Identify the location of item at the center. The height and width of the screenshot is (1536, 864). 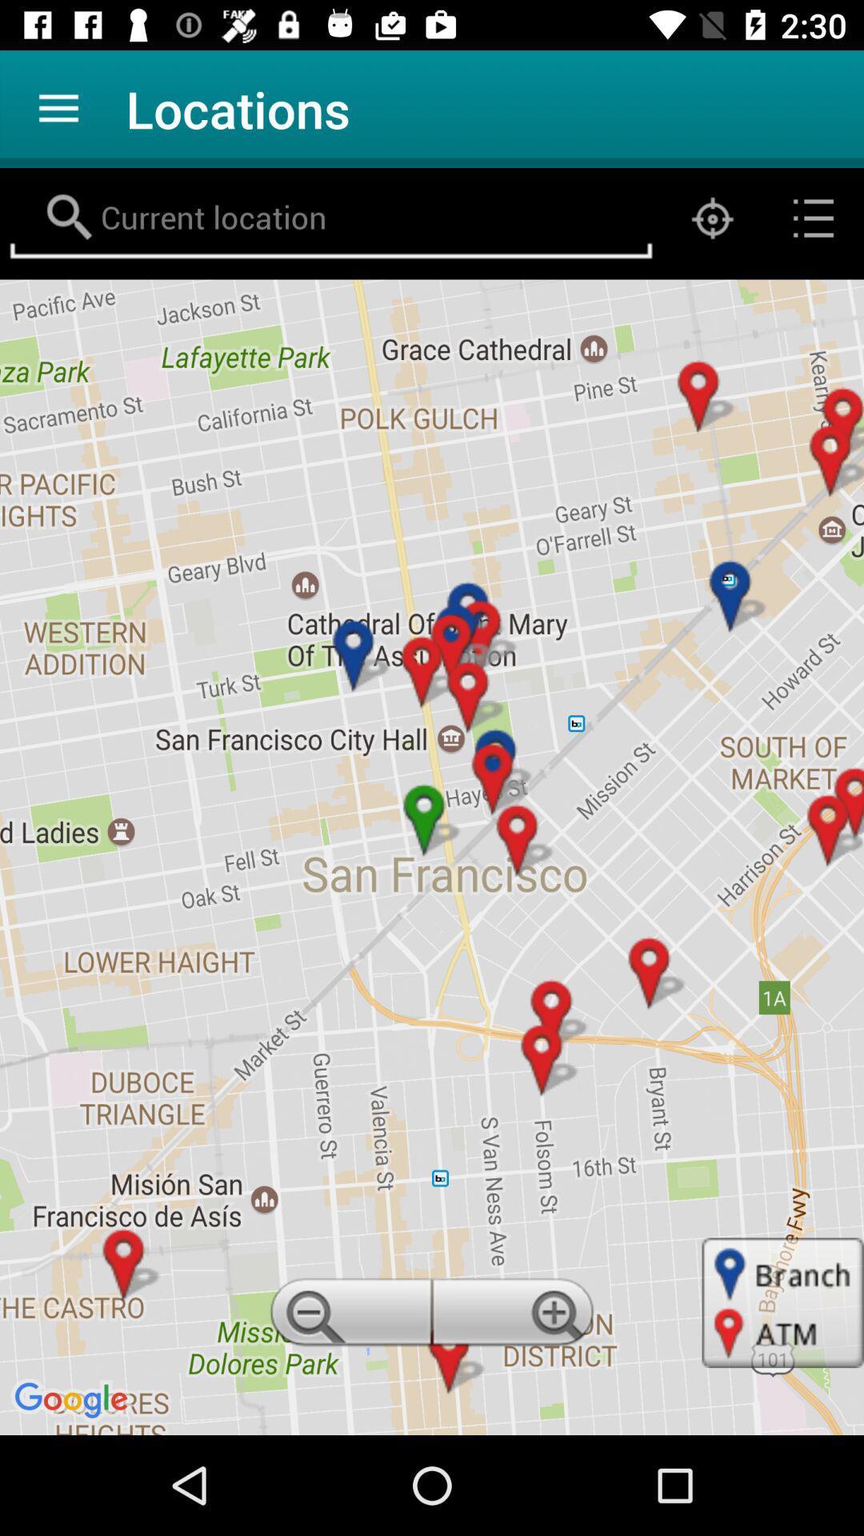
(432, 856).